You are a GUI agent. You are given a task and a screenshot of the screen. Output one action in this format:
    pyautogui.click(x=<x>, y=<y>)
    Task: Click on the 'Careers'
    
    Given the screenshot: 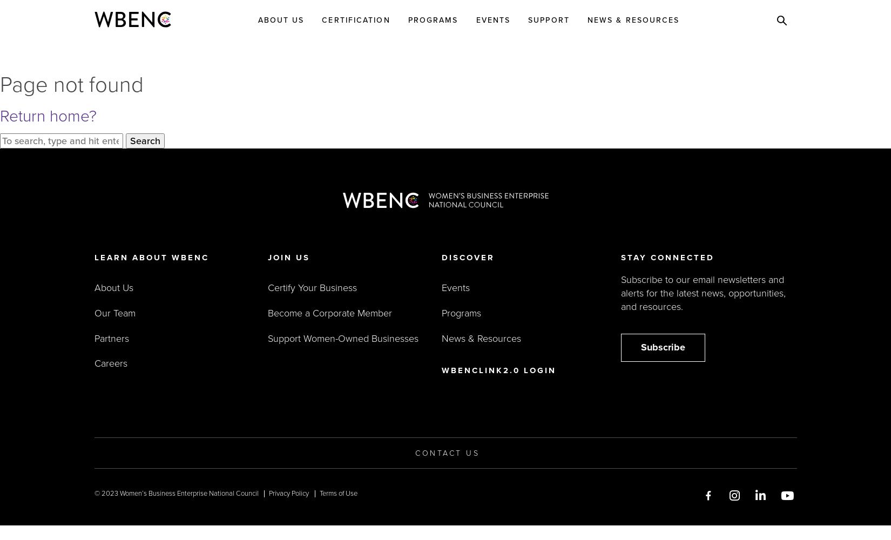 What is the action you would take?
    pyautogui.click(x=110, y=363)
    